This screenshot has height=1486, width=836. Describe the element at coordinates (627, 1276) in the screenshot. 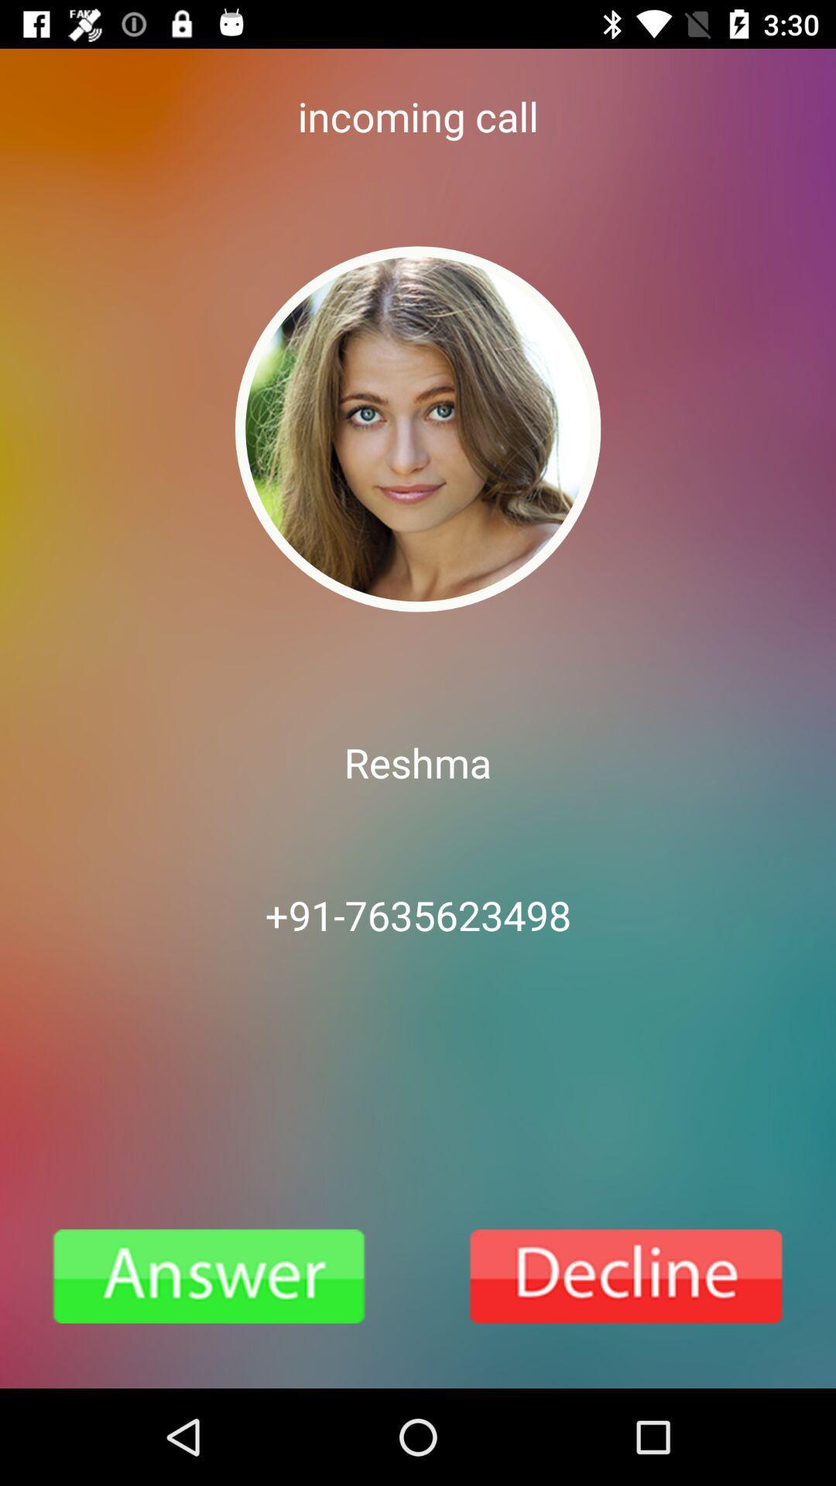

I see `icon at the bottom right corner` at that location.